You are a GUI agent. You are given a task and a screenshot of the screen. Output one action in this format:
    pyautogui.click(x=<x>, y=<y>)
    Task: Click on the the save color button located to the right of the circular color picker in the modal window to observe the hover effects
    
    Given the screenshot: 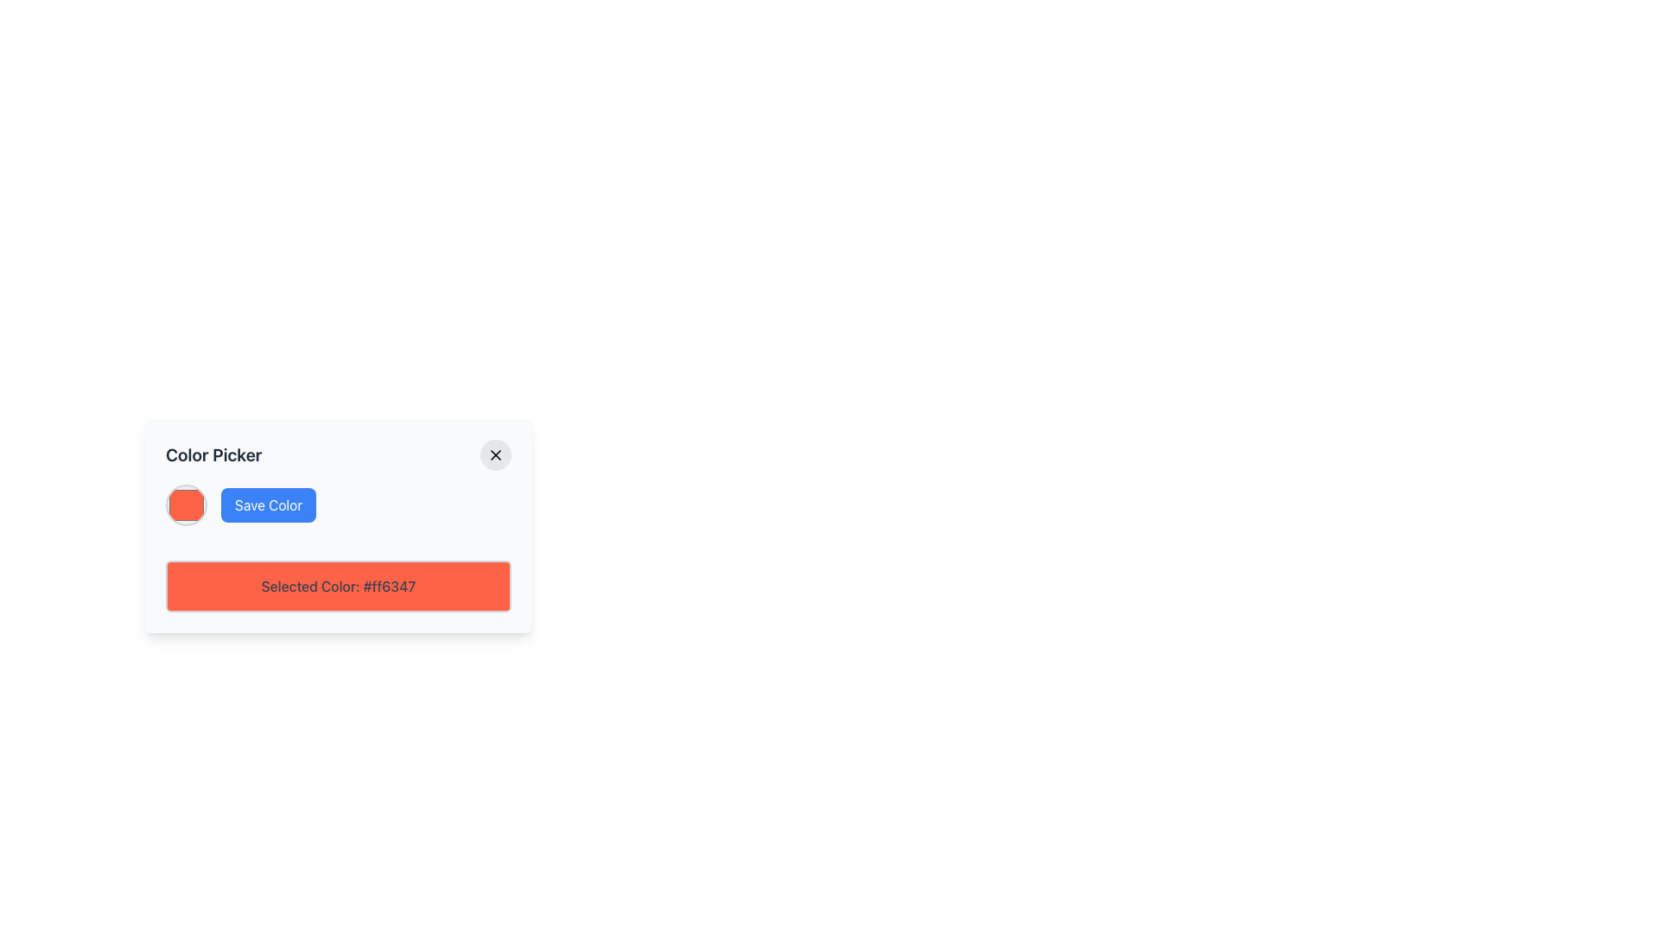 What is the action you would take?
    pyautogui.click(x=268, y=505)
    